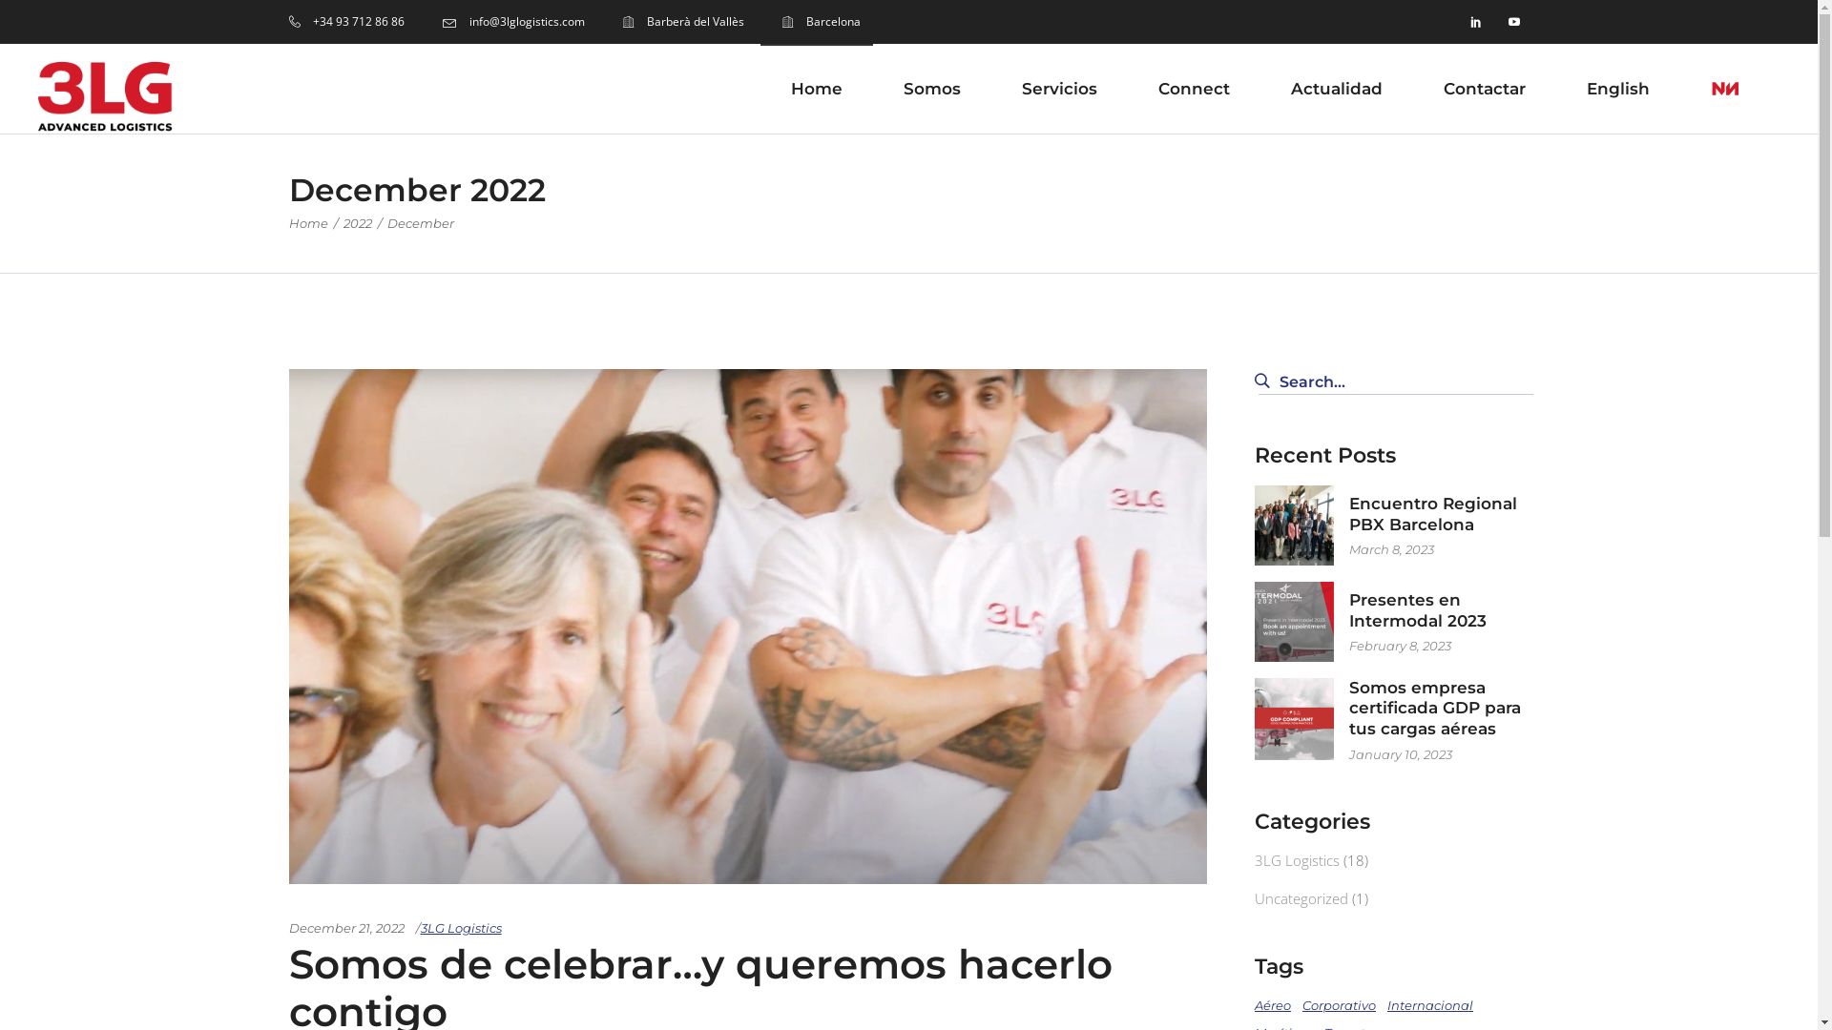 This screenshot has width=1832, height=1030. I want to click on '2022', so click(357, 222).